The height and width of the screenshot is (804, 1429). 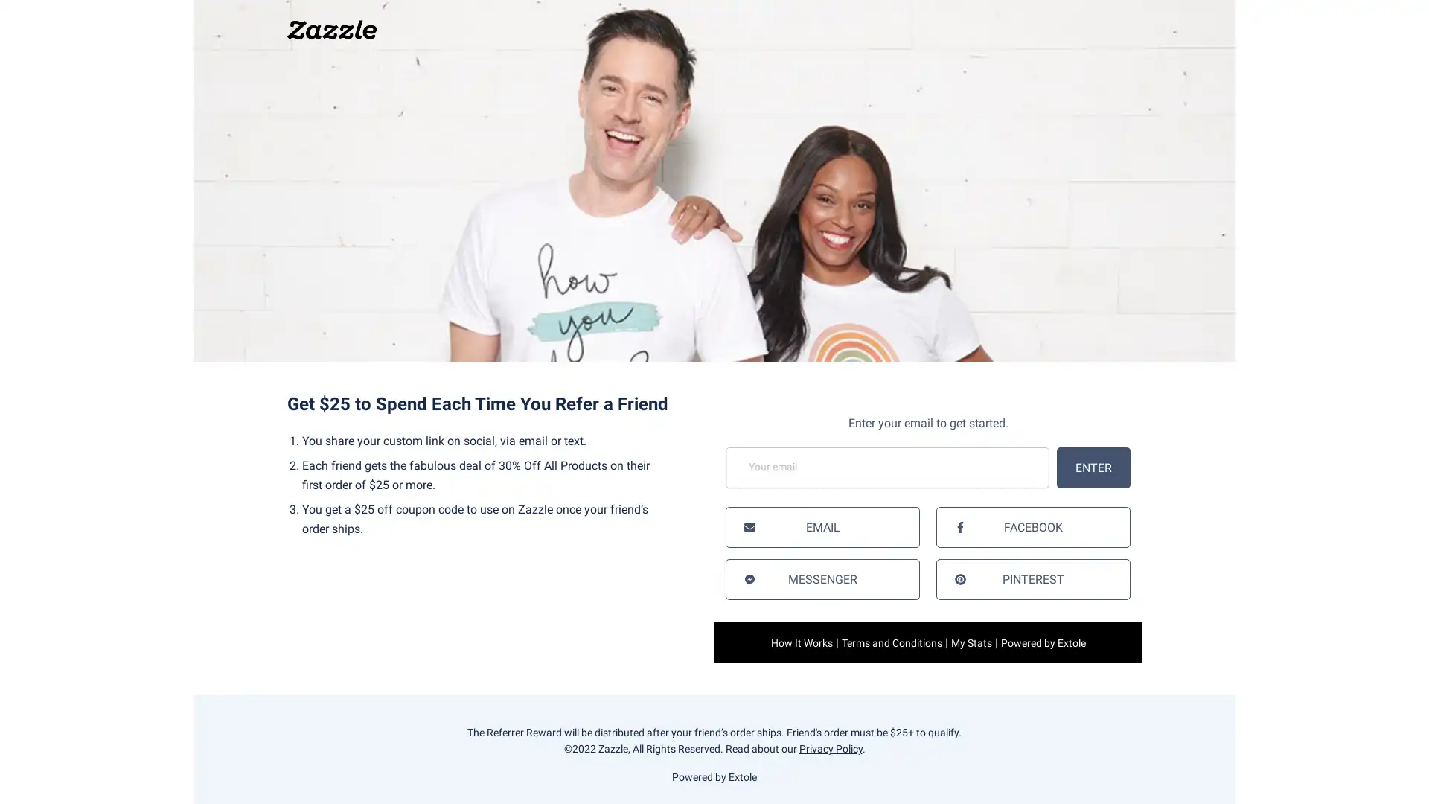 I want to click on Enter, so click(x=1093, y=466).